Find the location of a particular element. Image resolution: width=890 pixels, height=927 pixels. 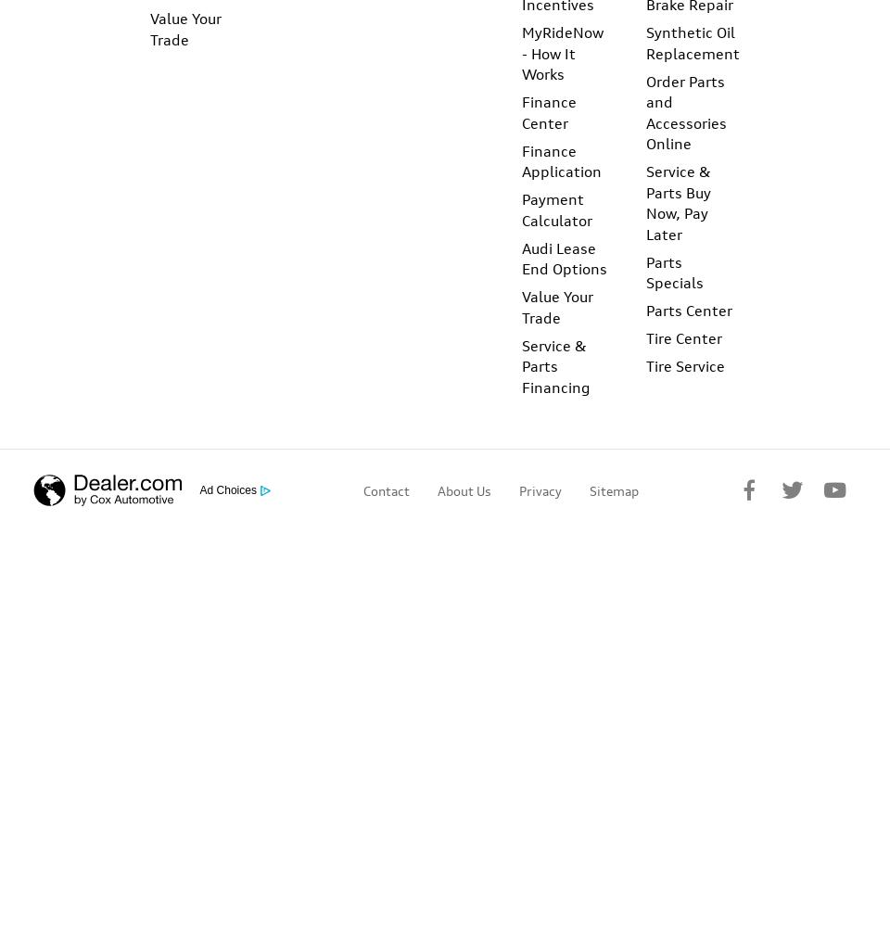

'Parts Center' is located at coordinates (688, 310).